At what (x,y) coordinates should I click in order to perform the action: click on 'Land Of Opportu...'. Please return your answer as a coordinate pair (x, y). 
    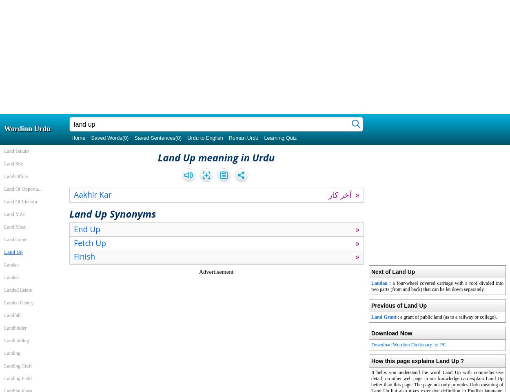
    Looking at the image, I should click on (4, 189).